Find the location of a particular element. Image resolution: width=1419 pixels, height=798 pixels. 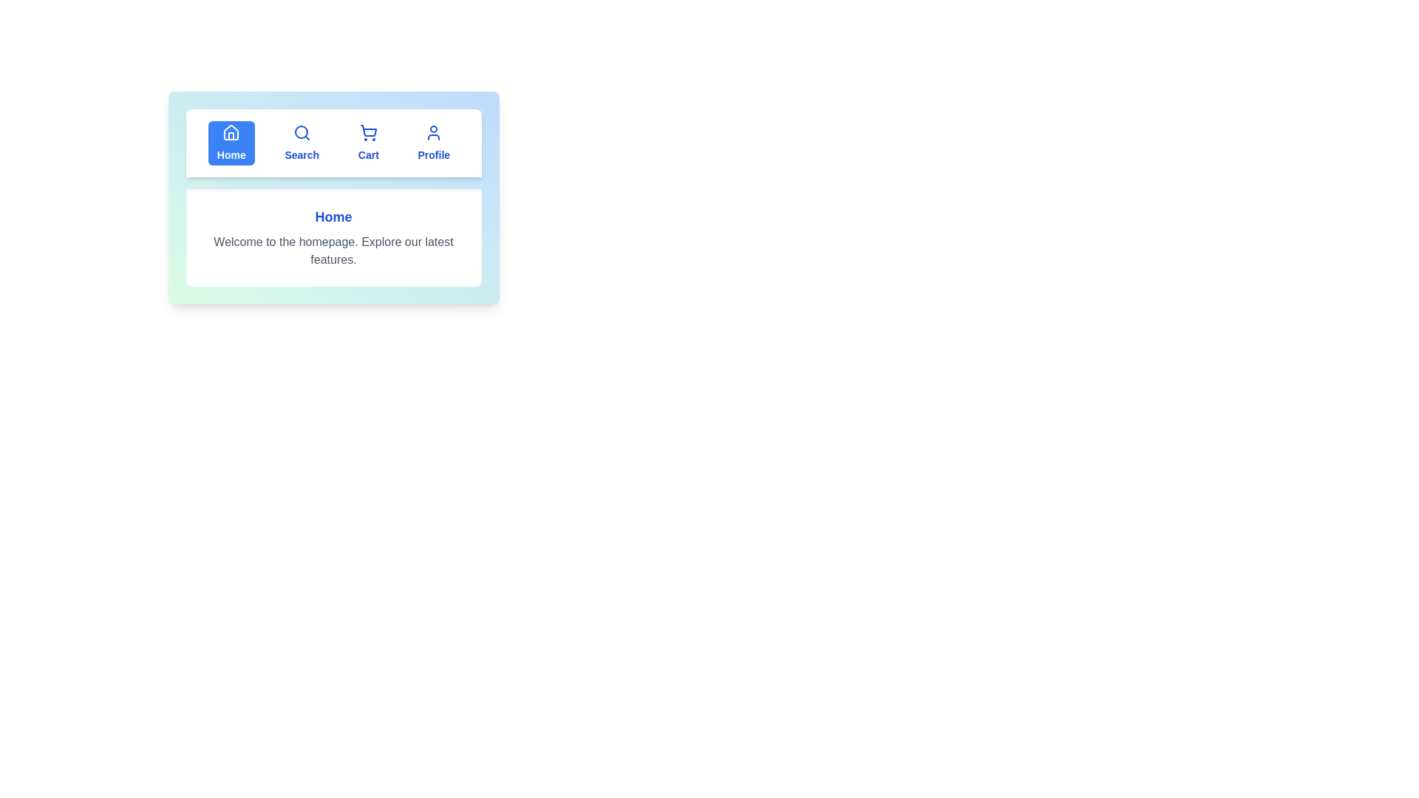

the tab Cart to view its content is located at coordinates (369, 143).